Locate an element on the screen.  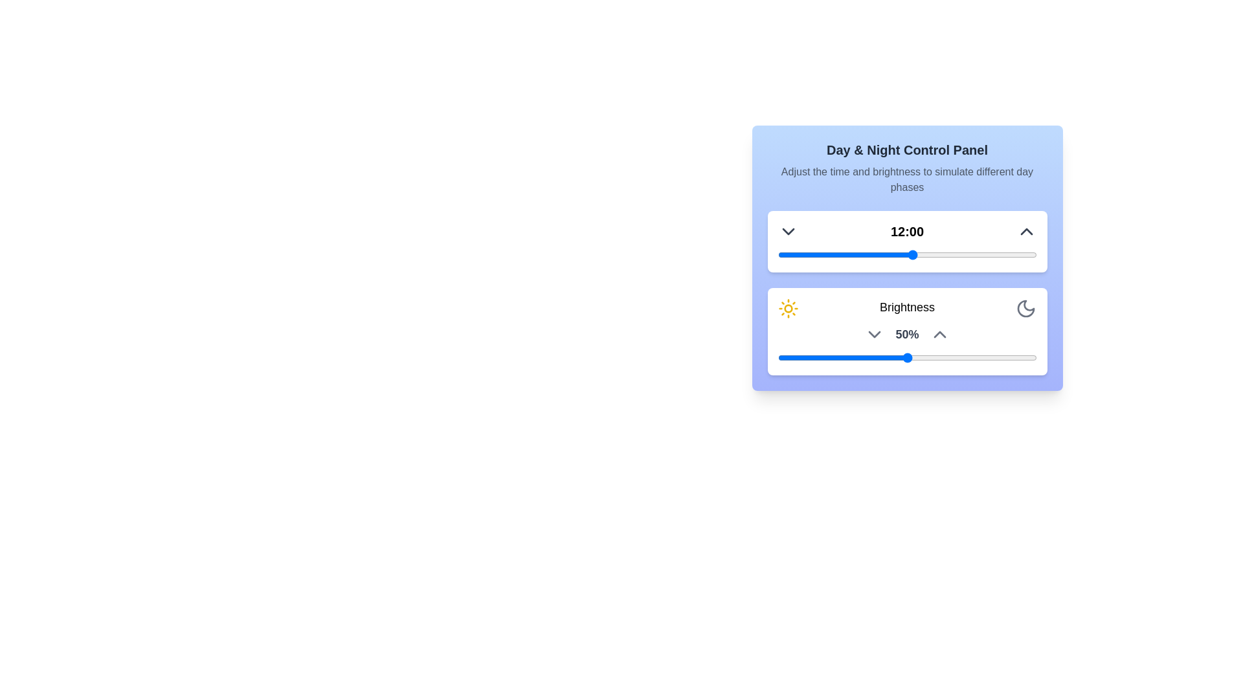
brightness is located at coordinates (943, 357).